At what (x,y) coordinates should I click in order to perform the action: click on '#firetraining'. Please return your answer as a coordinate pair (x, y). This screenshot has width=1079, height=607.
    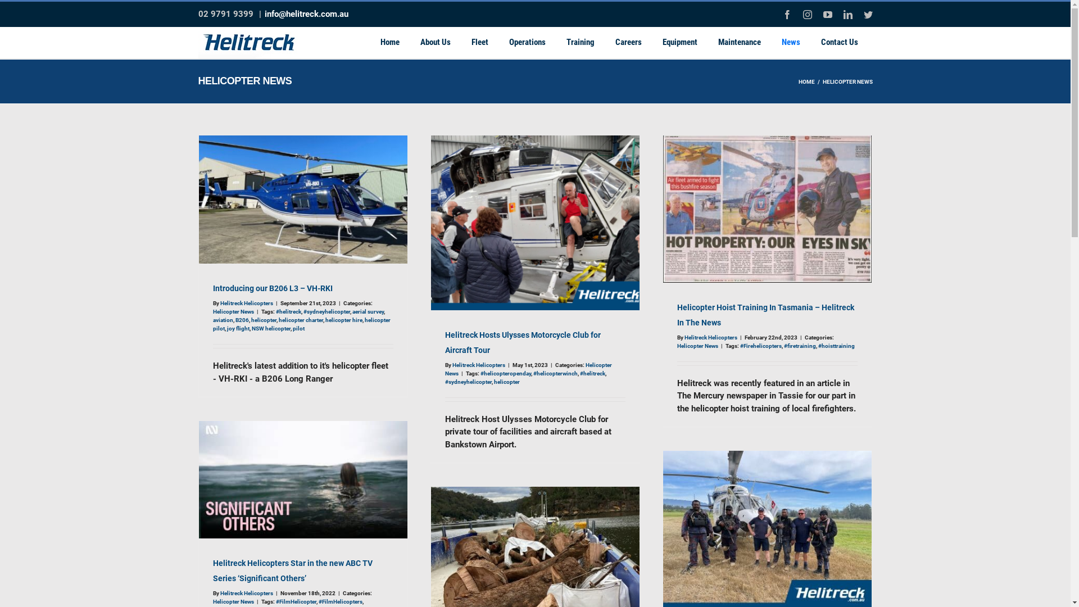
    Looking at the image, I should click on (782, 345).